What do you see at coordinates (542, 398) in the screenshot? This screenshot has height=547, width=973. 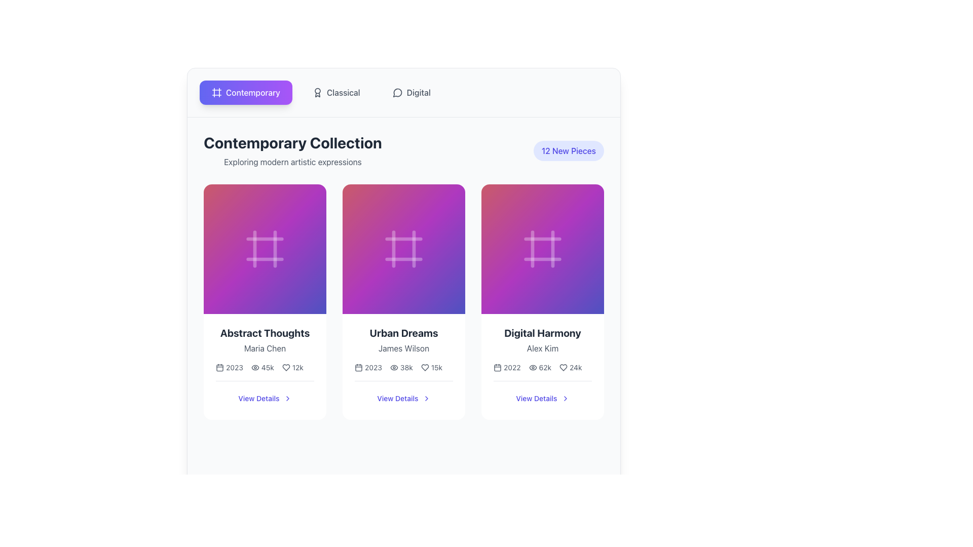 I see `the 'View Details' button-like link, which is styled as a button and located in the bottom section of the 'Digital Harmony' card, displaying the text in blue with a right-facing chevron icon` at bounding box center [542, 398].